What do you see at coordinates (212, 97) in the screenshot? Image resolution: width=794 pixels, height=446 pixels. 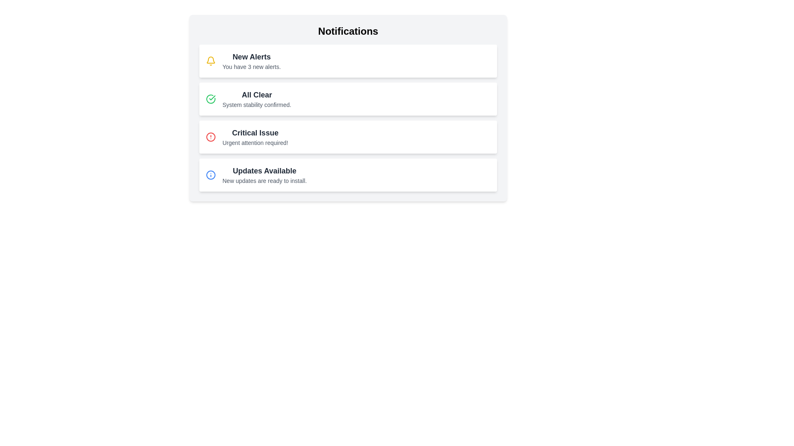 I see `the green checkmark icon within a circle, located on the left side of the 'All Clear' notification item in the 'Notifications' list` at bounding box center [212, 97].